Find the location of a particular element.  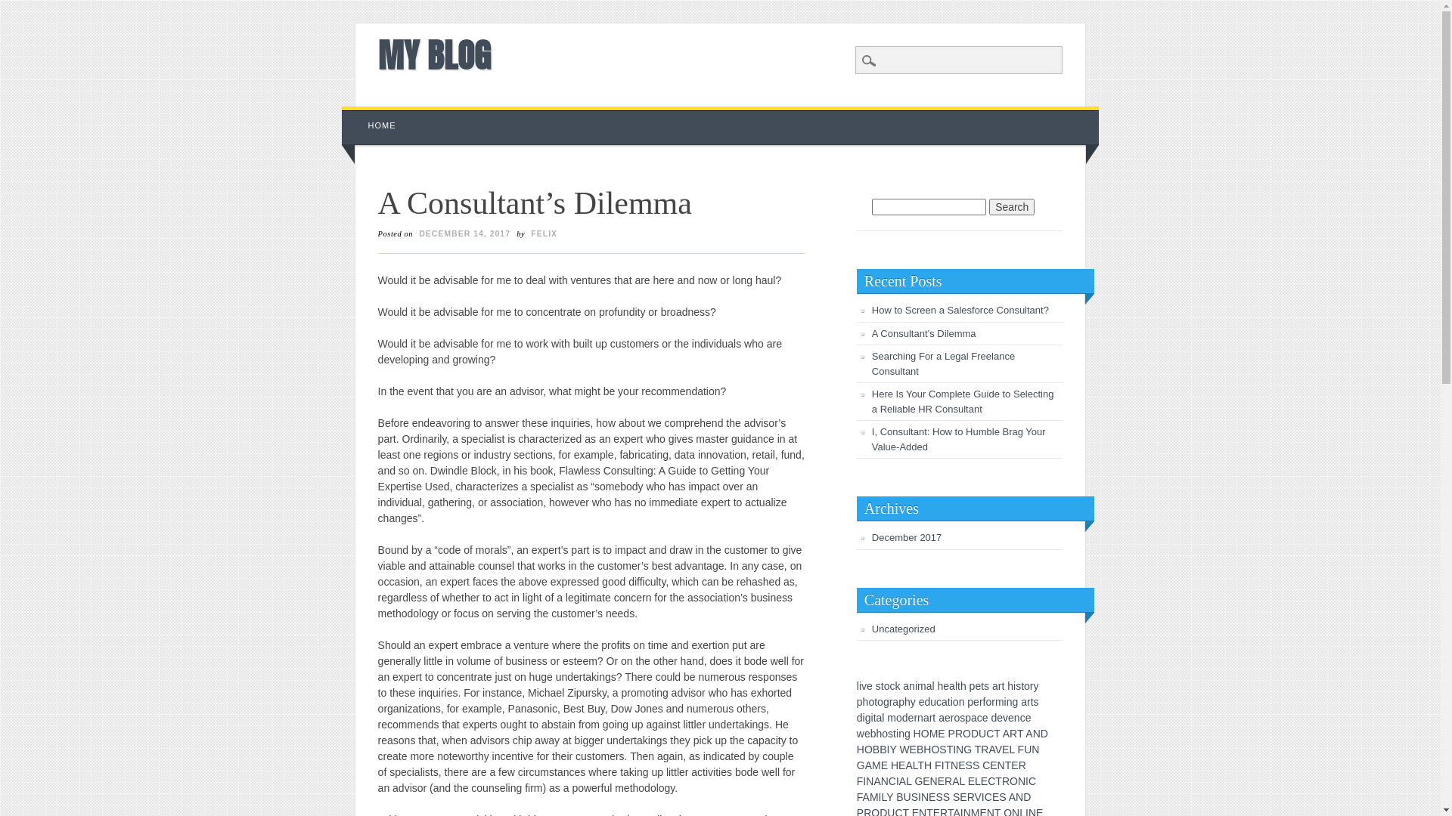

'c' is located at coordinates (938, 702).